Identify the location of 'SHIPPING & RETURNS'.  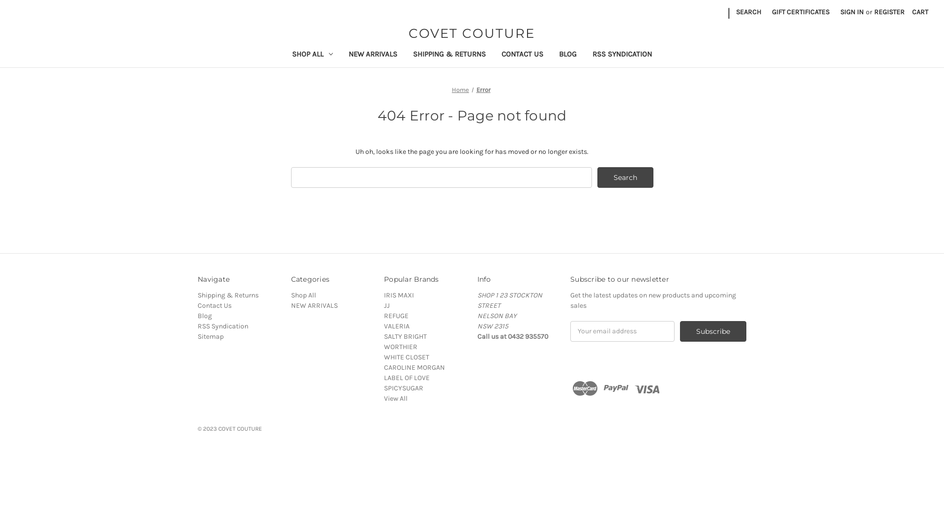
(448, 55).